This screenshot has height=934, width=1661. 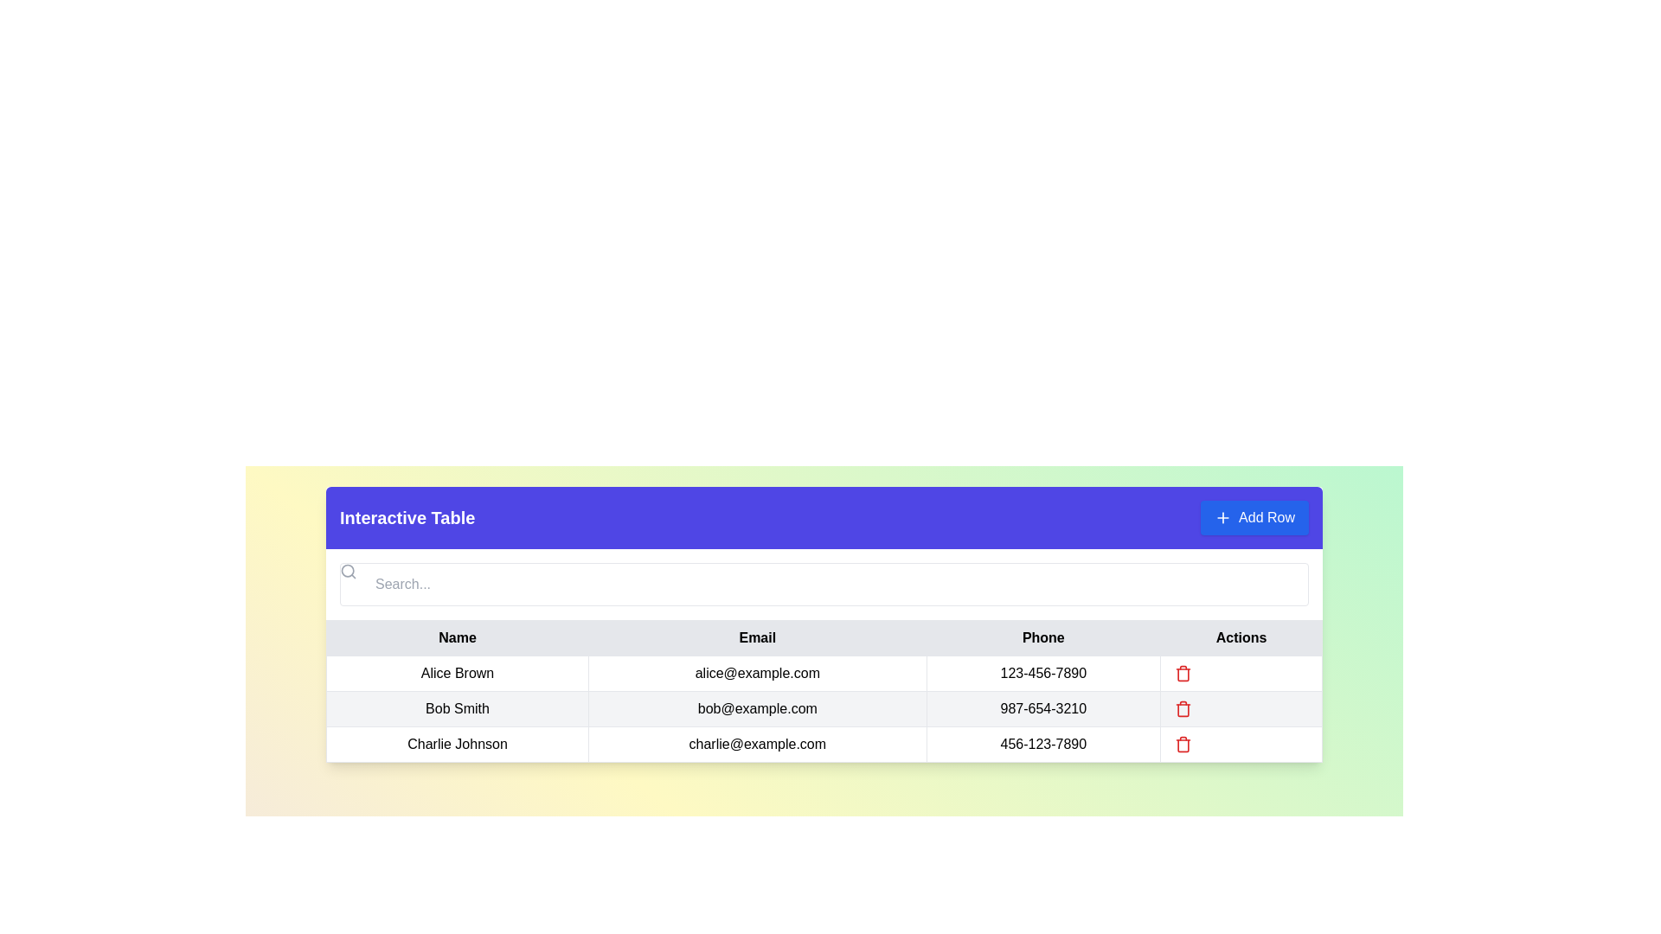 What do you see at coordinates (1042, 743) in the screenshot?
I see `the phone number display in the third row of the interactive table under the 'Phone' column, which is located between the email 'charlie@example.com' and a blank cell` at bounding box center [1042, 743].